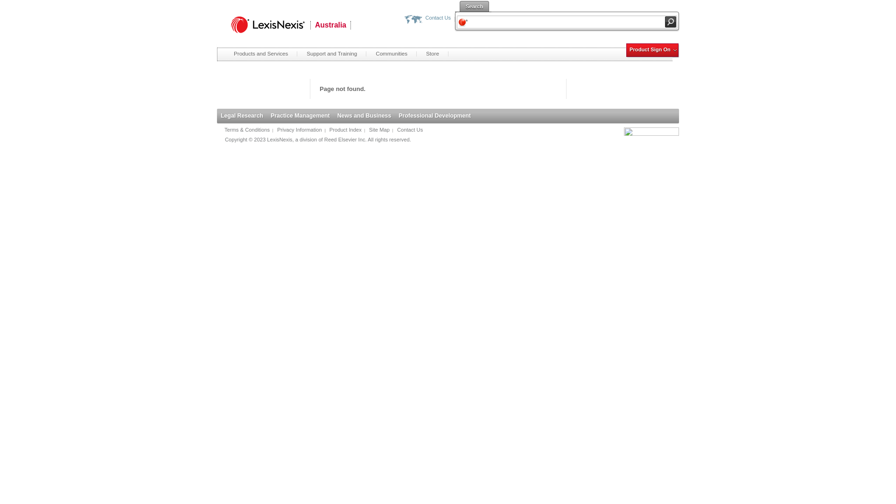  What do you see at coordinates (427, 18) in the screenshot?
I see `'Contact Us'` at bounding box center [427, 18].